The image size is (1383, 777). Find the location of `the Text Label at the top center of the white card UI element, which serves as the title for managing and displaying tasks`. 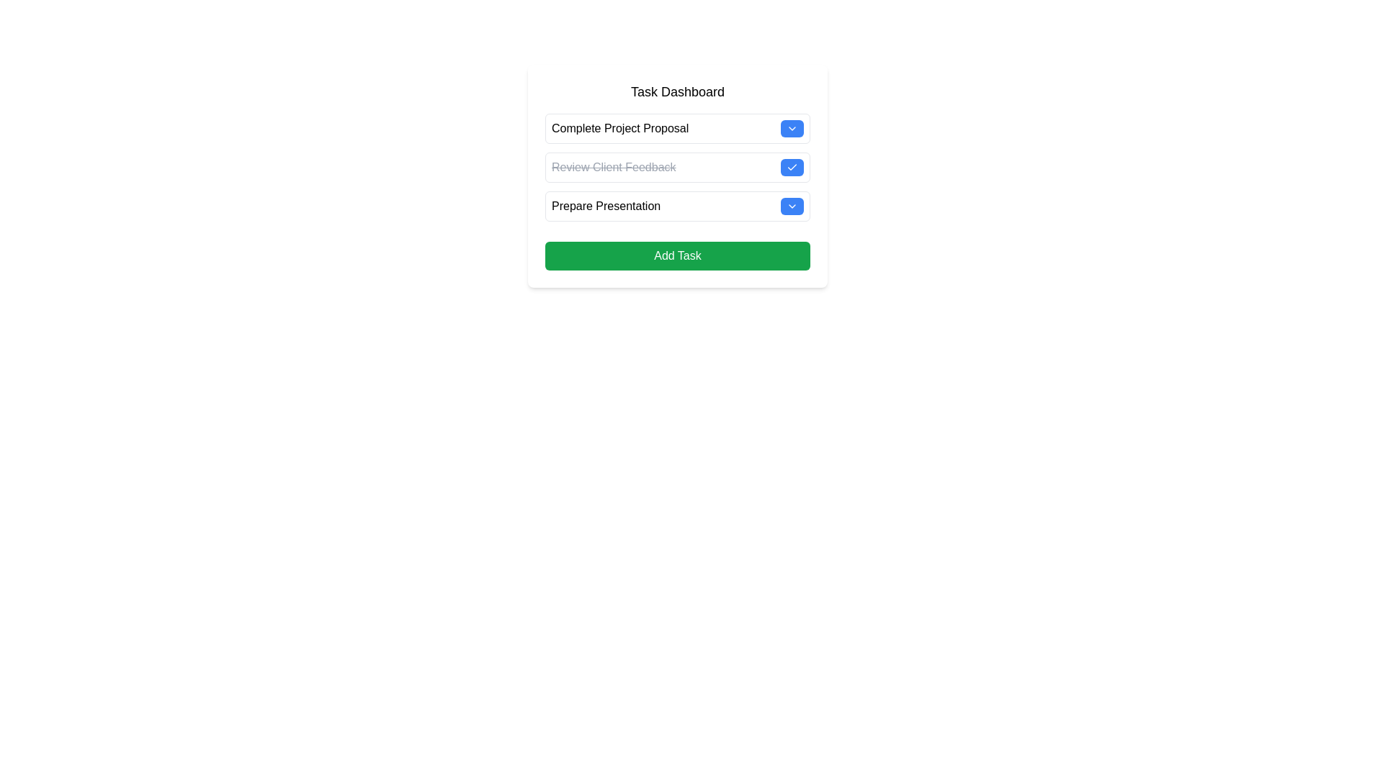

the Text Label at the top center of the white card UI element, which serves as the title for managing and displaying tasks is located at coordinates (676, 91).